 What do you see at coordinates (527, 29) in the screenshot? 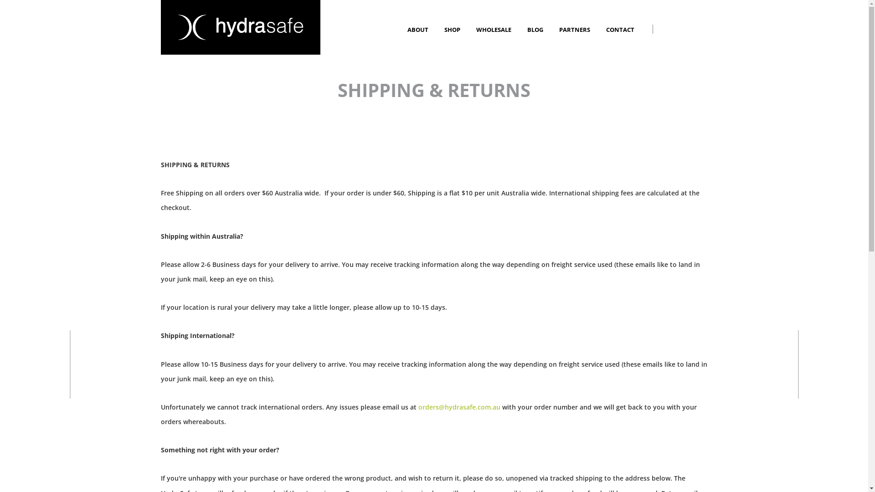
I see `'BLOG'` at bounding box center [527, 29].